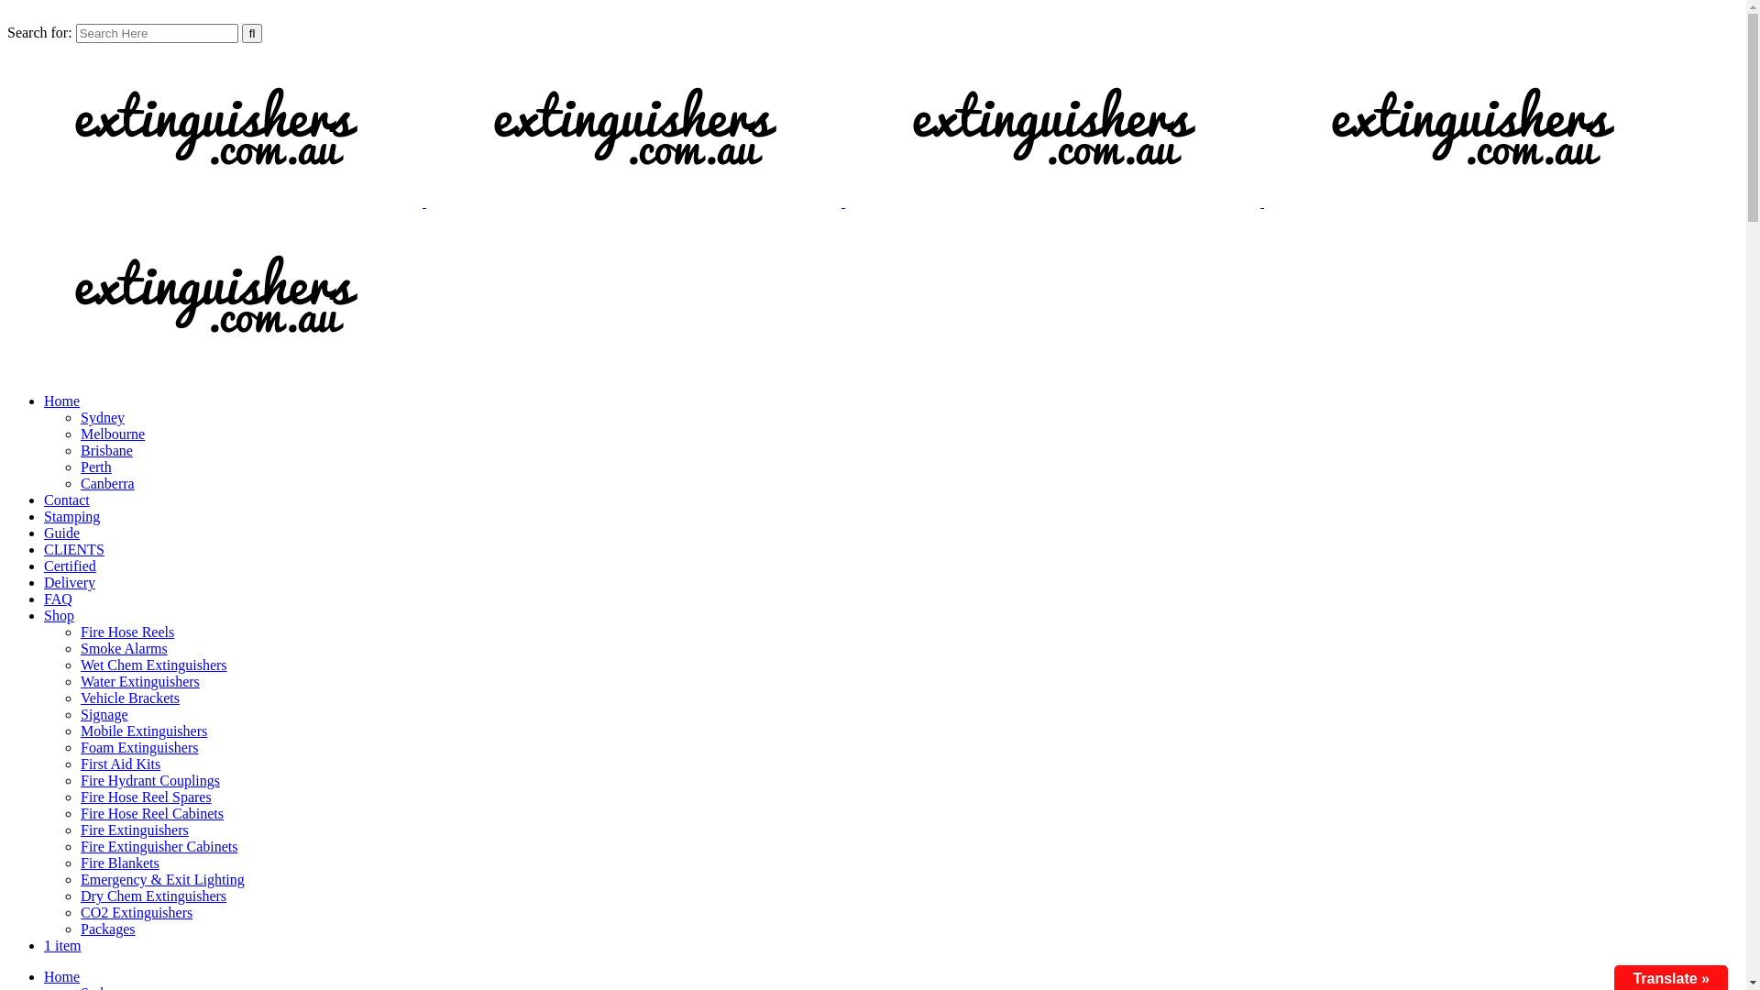 This screenshot has height=990, width=1760. Describe the element at coordinates (66, 500) in the screenshot. I see `'Contact'` at that location.